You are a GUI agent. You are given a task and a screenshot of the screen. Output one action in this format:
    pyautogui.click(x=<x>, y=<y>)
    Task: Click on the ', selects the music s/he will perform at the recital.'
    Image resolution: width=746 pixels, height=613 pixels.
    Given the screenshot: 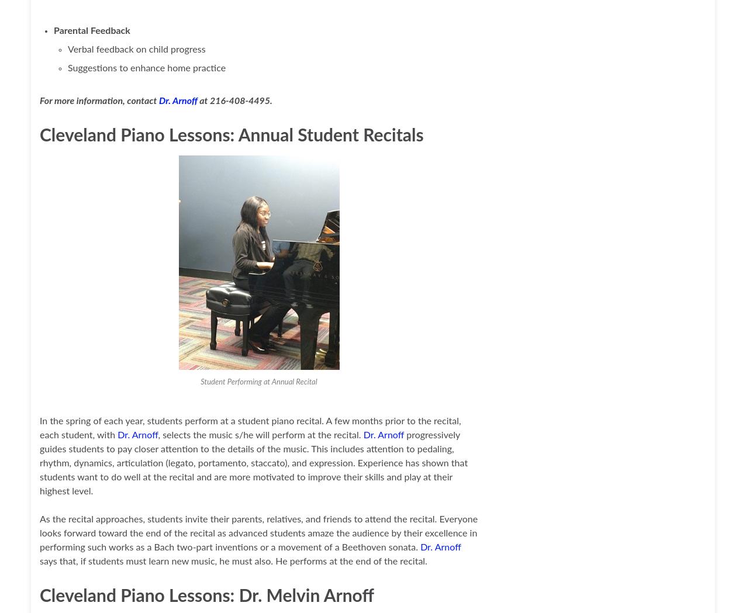 What is the action you would take?
    pyautogui.click(x=260, y=434)
    